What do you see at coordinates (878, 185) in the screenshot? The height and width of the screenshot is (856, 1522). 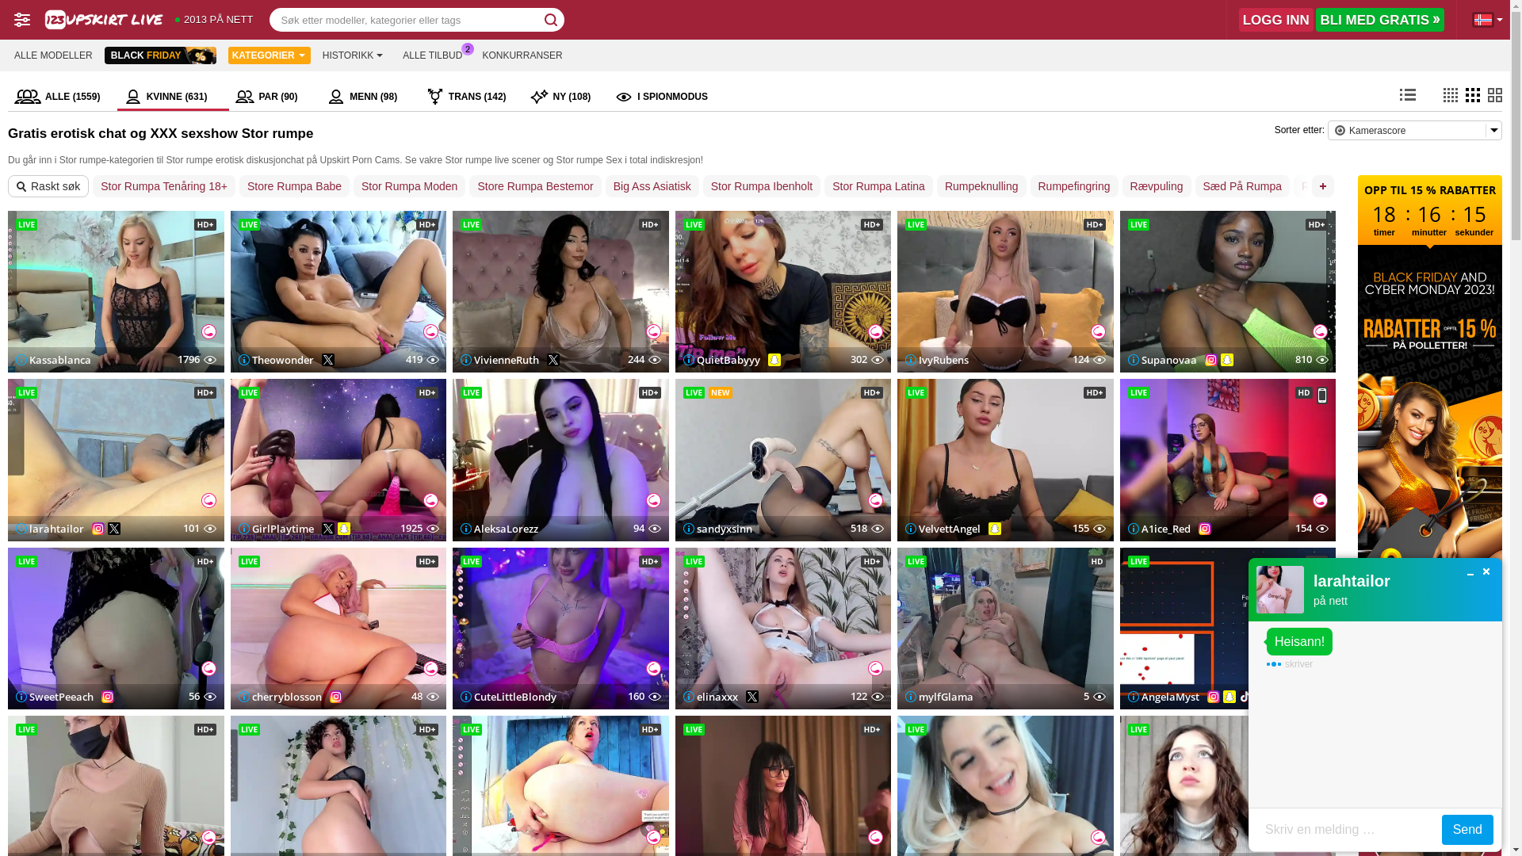 I see `'Stor Rumpa Latina'` at bounding box center [878, 185].